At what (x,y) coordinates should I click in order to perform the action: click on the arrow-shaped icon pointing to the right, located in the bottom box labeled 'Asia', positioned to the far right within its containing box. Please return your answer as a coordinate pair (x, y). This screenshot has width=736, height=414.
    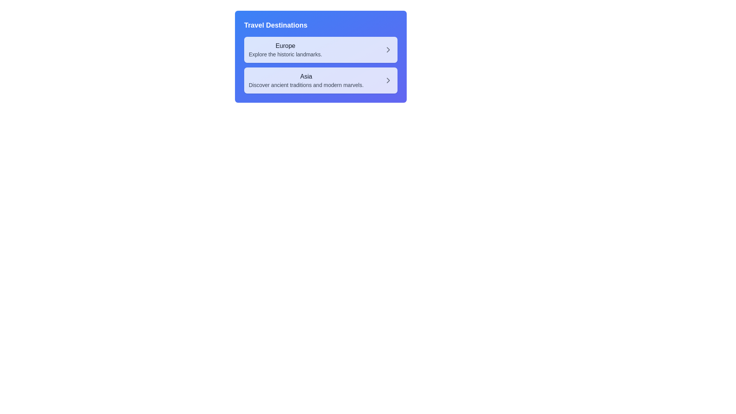
    Looking at the image, I should click on (388, 80).